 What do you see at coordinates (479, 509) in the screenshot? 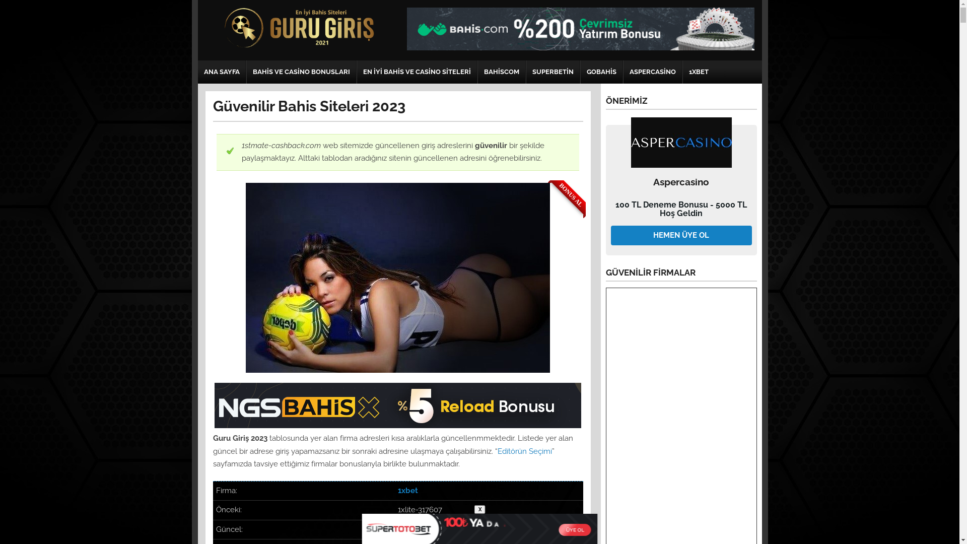
I see `'X'` at bounding box center [479, 509].